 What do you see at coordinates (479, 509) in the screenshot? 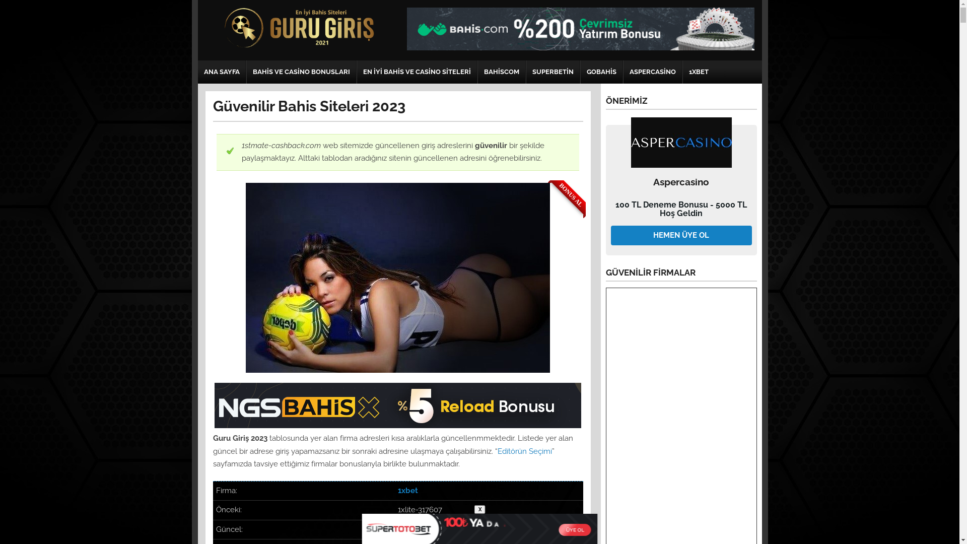
I see `'X'` at bounding box center [479, 509].